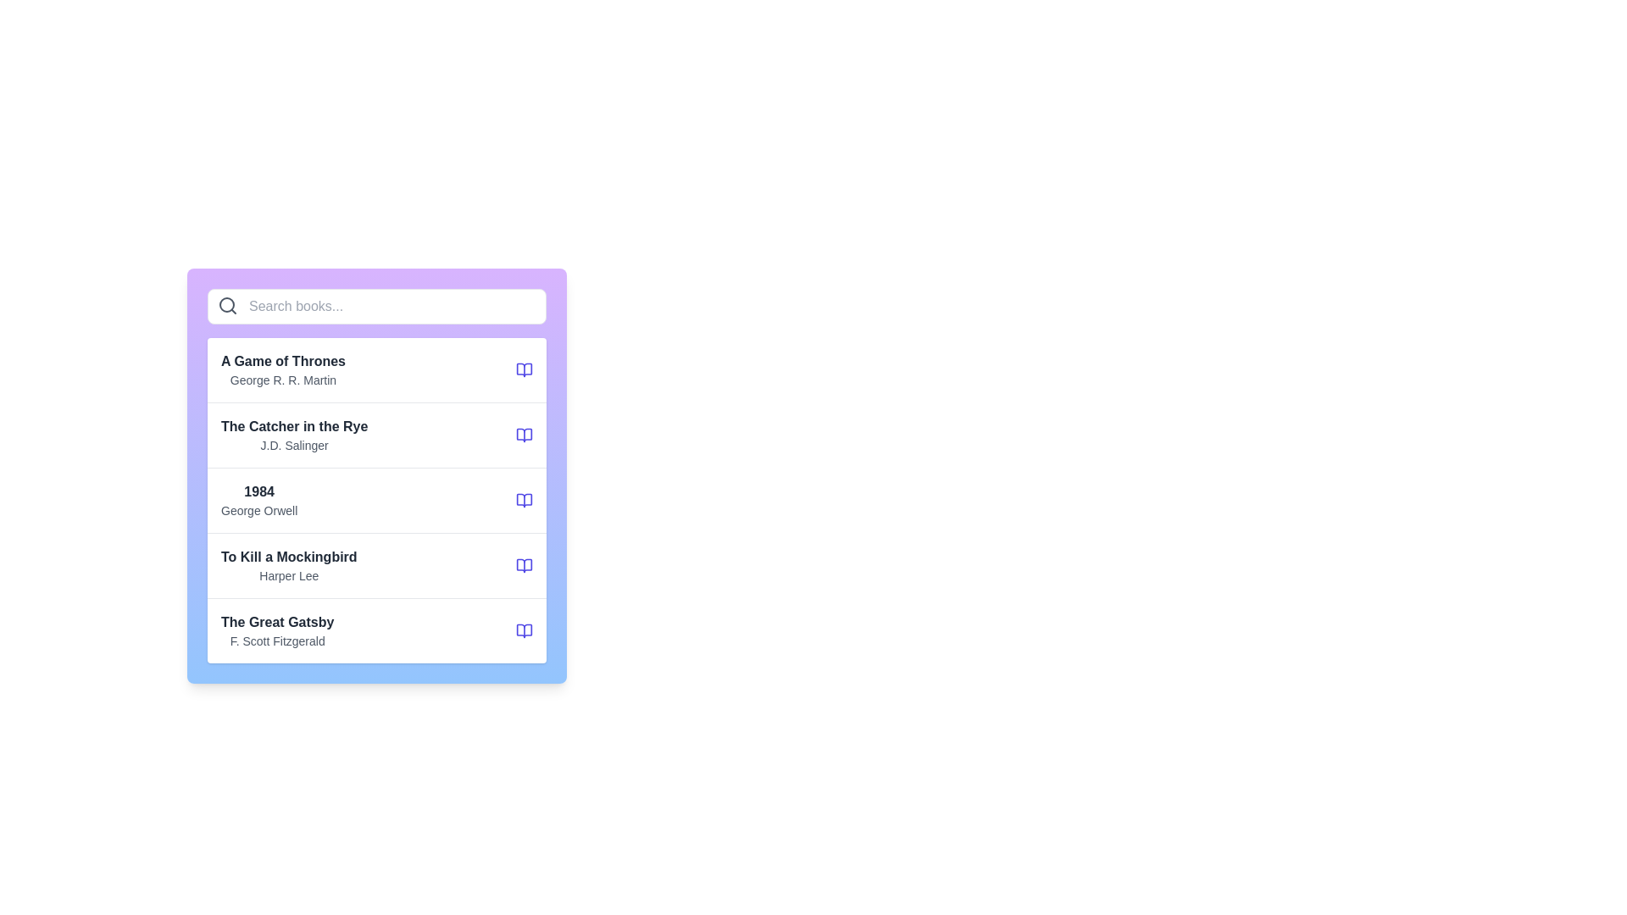  Describe the element at coordinates (524, 565) in the screenshot. I see `the indigo book icon located to the right of the 'To Kill a Mockingbird' text in the fourth position of the list` at that location.